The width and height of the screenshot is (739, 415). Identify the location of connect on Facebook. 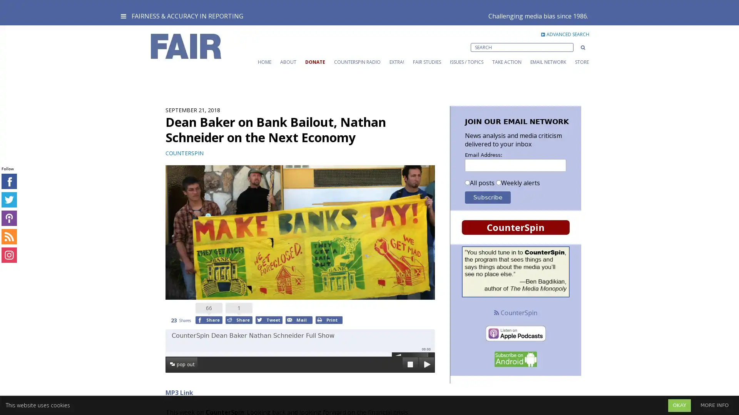
(9, 181).